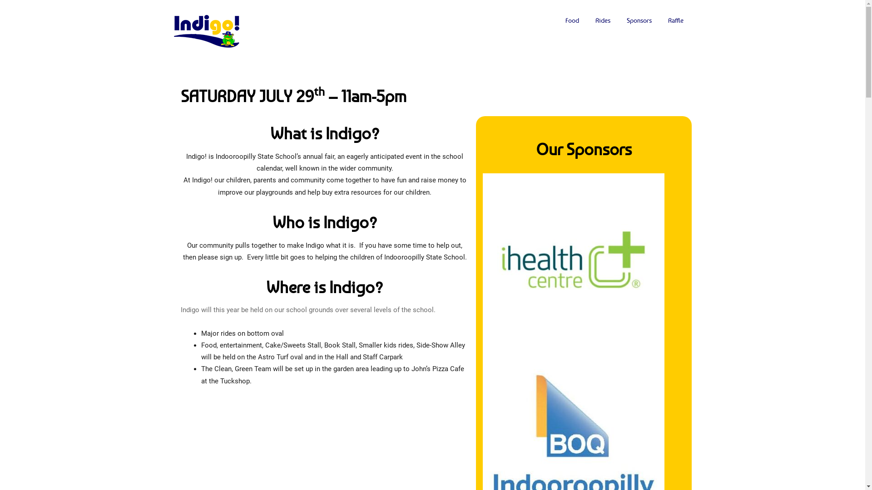  Describe the element at coordinates (675, 20) in the screenshot. I see `'Raffle'` at that location.